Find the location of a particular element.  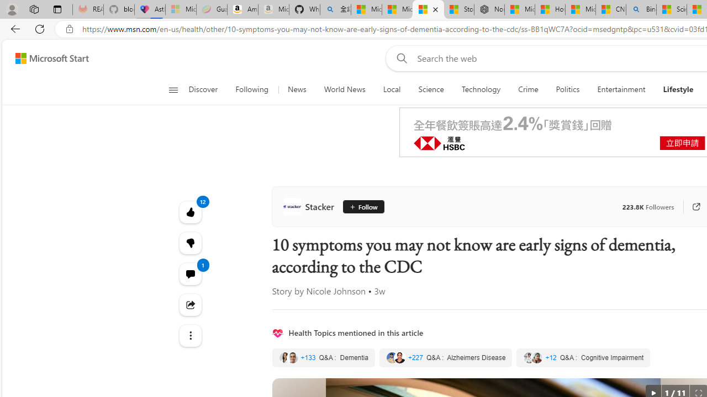

'Class: quote-thumbnail' is located at coordinates (537, 358).